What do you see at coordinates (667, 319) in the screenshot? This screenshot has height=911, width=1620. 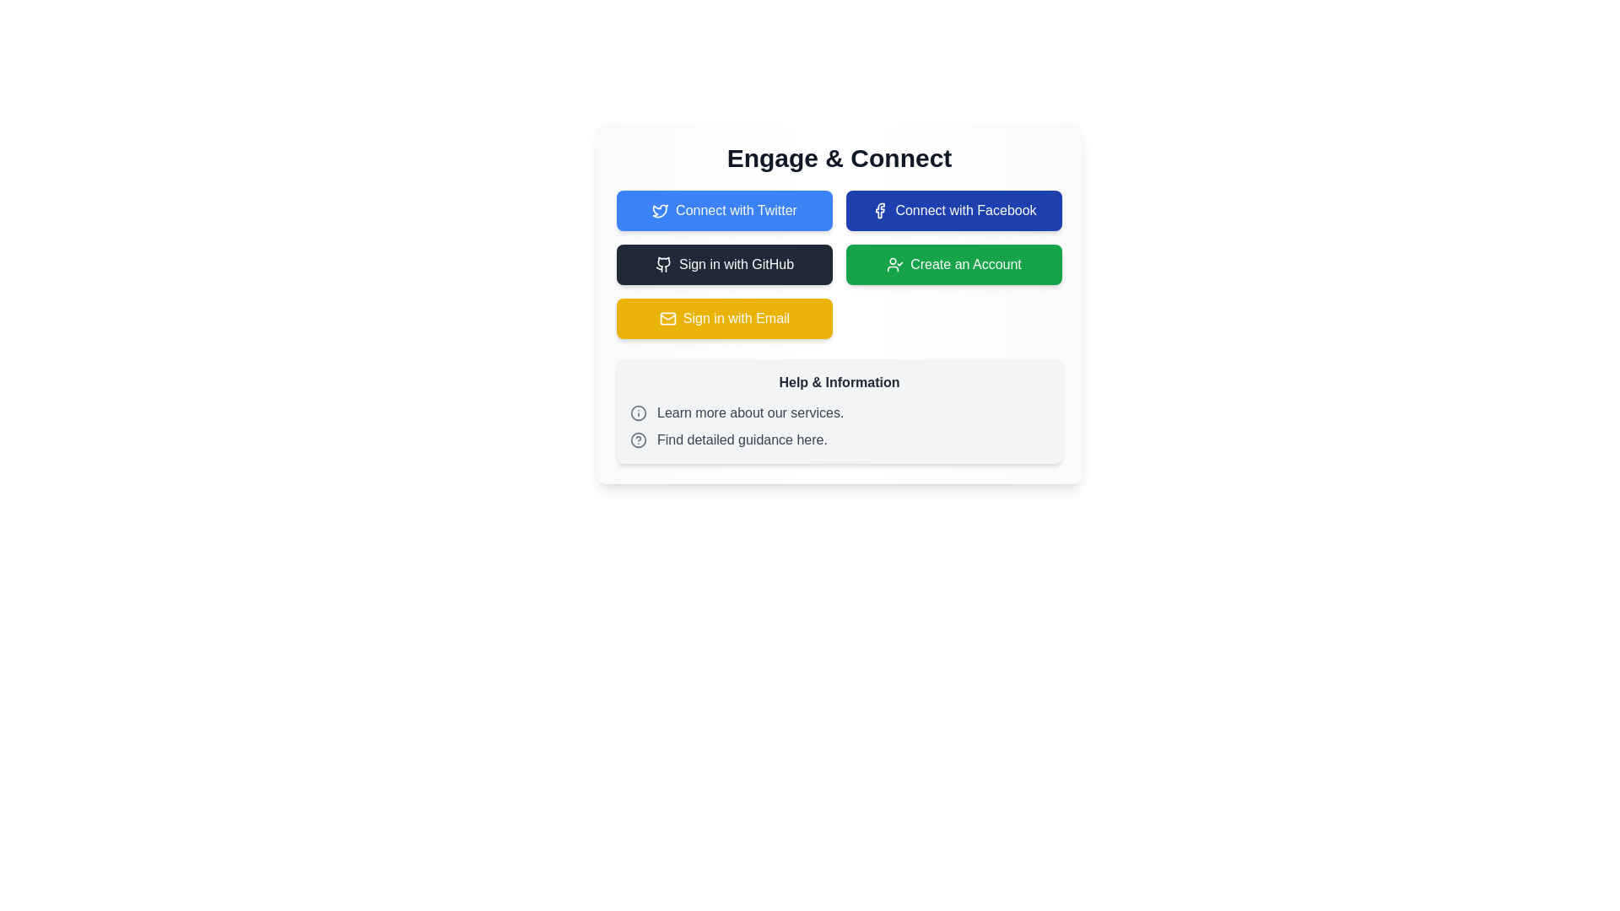 I see `the visual content associated with the decorative yellow rounded rectangle shape inside the envelope icon` at bounding box center [667, 319].